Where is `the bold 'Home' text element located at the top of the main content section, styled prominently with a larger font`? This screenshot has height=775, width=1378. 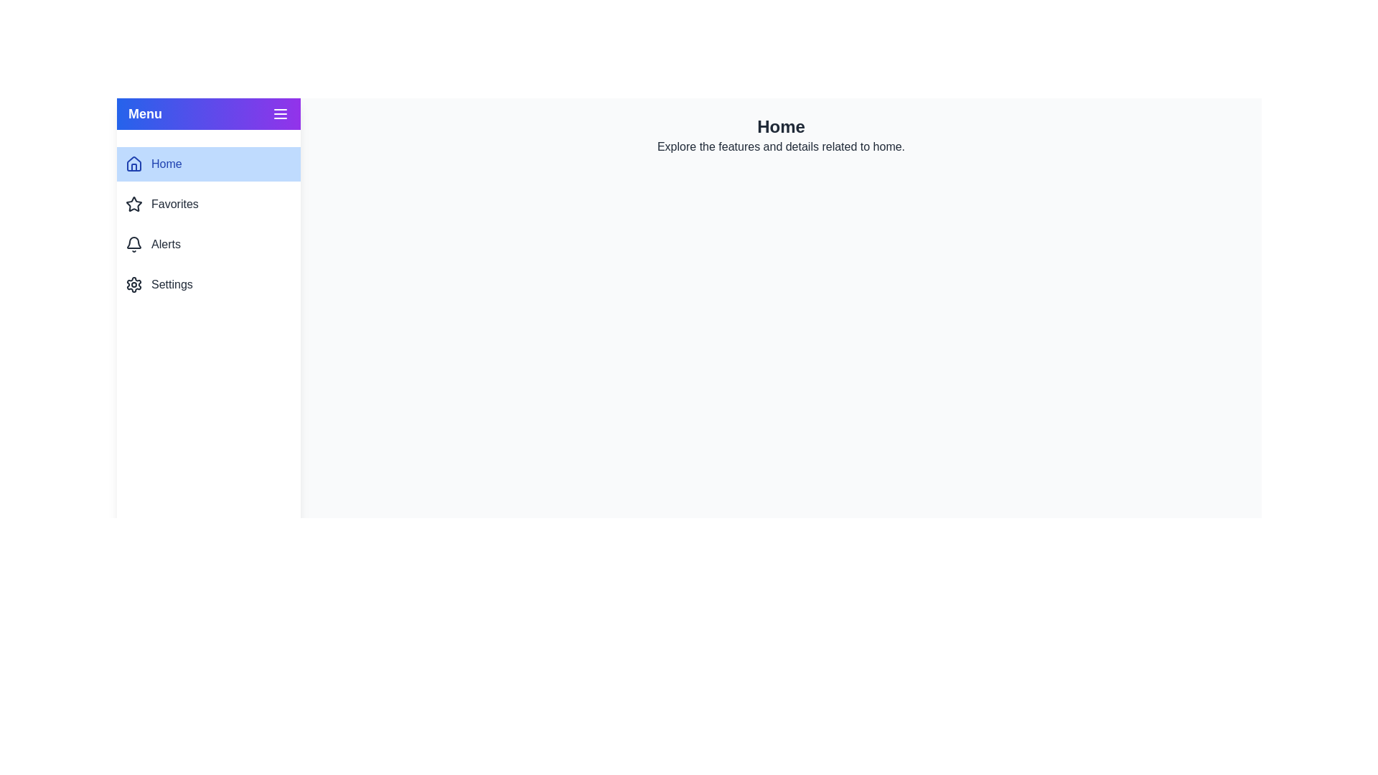 the bold 'Home' text element located at the top of the main content section, styled prominently with a larger font is located at coordinates (780, 126).